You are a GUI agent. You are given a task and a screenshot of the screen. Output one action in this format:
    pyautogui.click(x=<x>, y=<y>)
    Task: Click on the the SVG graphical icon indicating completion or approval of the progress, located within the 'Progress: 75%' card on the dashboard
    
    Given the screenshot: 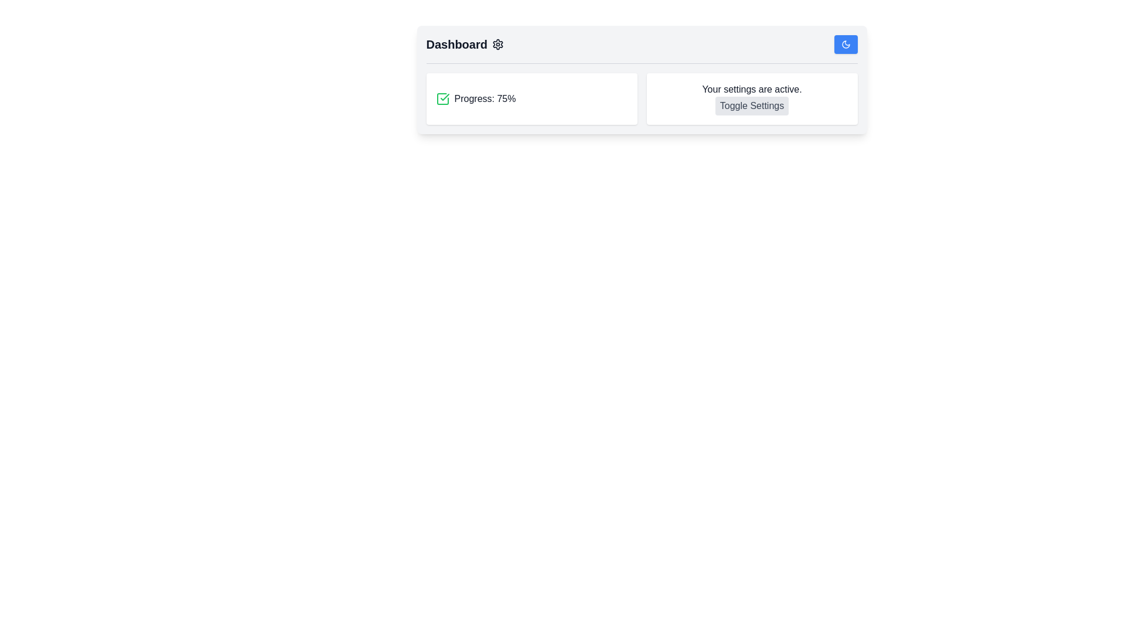 What is the action you would take?
    pyautogui.click(x=442, y=98)
    